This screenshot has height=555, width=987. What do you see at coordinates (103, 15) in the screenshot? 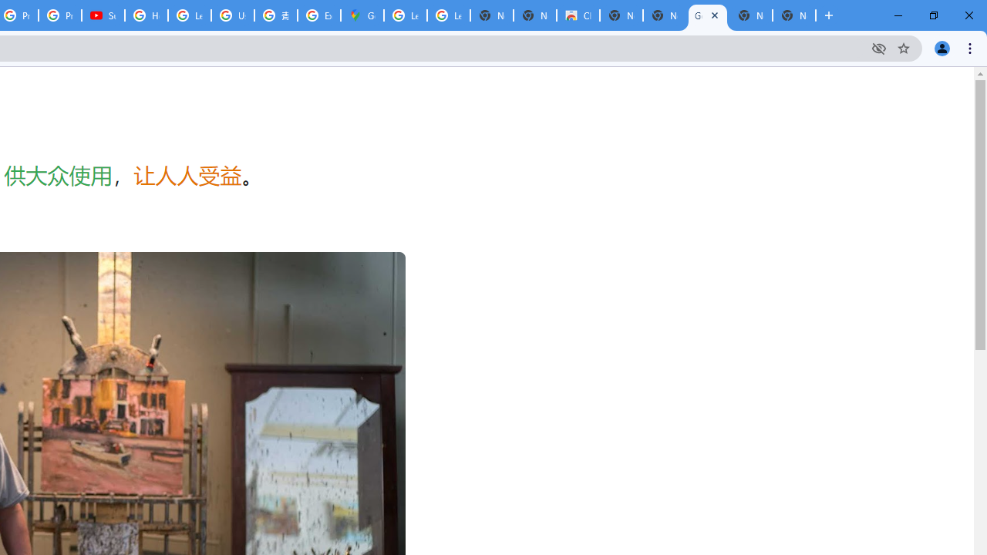
I see `'Subscriptions - YouTube'` at bounding box center [103, 15].